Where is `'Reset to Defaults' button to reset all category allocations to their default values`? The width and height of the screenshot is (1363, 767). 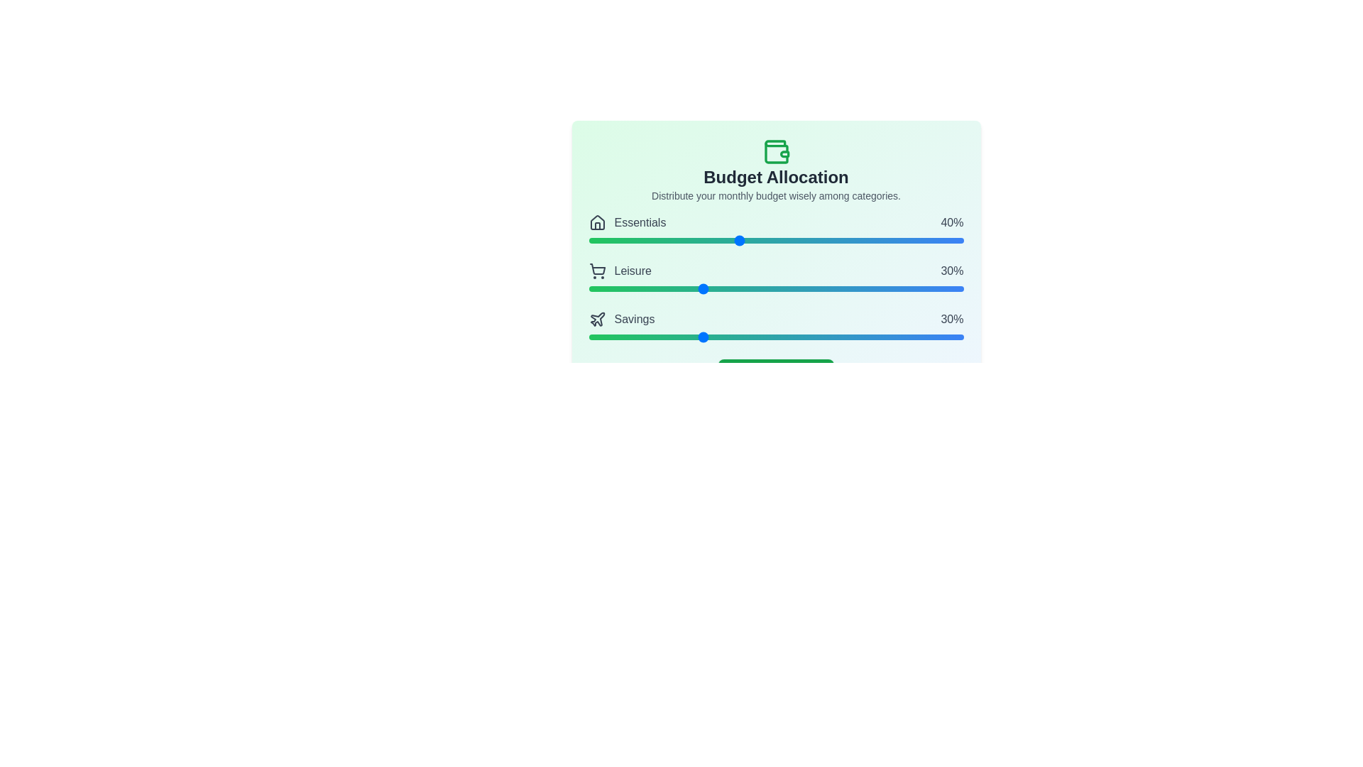
'Reset to Defaults' button to reset all category allocations to their default values is located at coordinates (775, 372).